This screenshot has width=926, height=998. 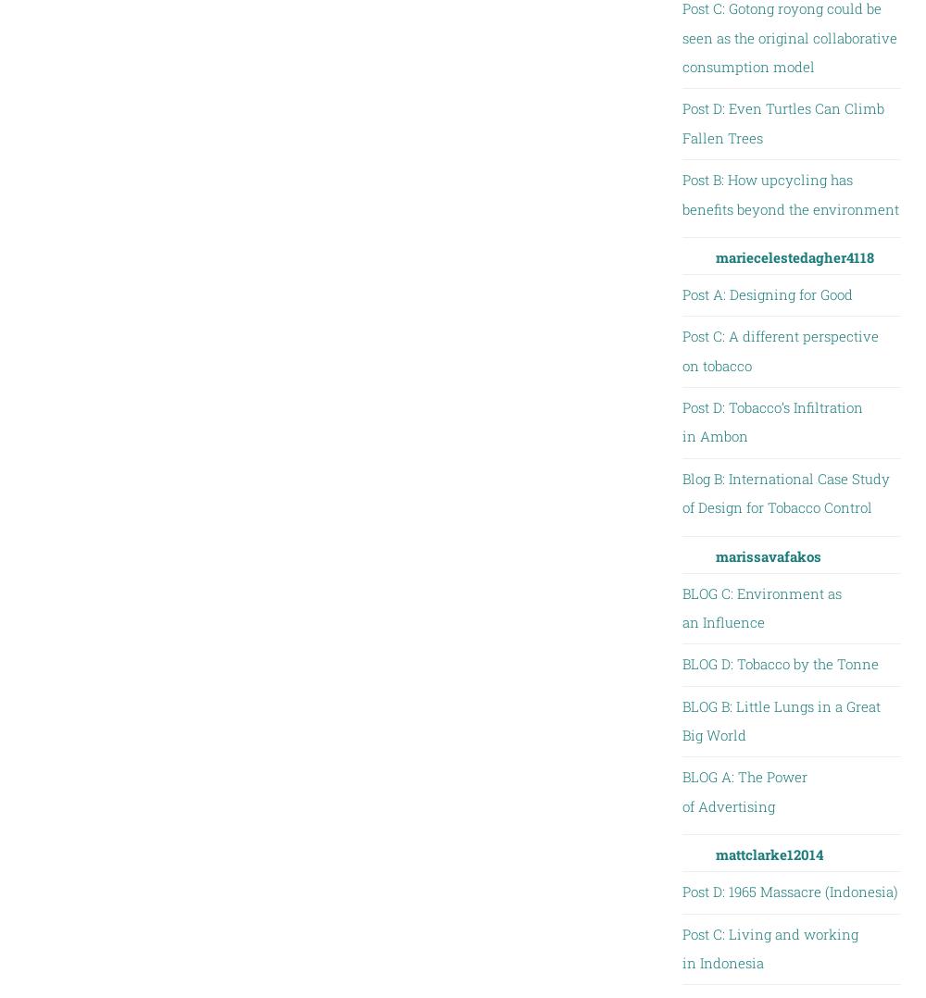 What do you see at coordinates (784, 492) in the screenshot?
I see `'Blog B: International Case Study of Design for Tobacco Control'` at bounding box center [784, 492].